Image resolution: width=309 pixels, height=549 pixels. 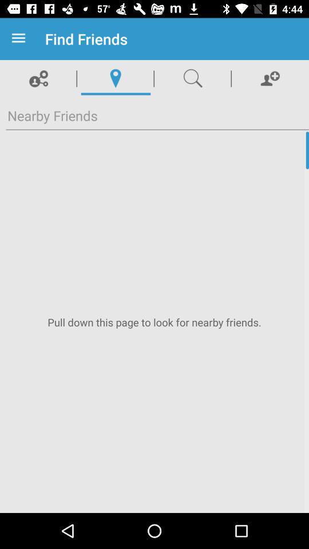 I want to click on pull page, so click(x=154, y=322).